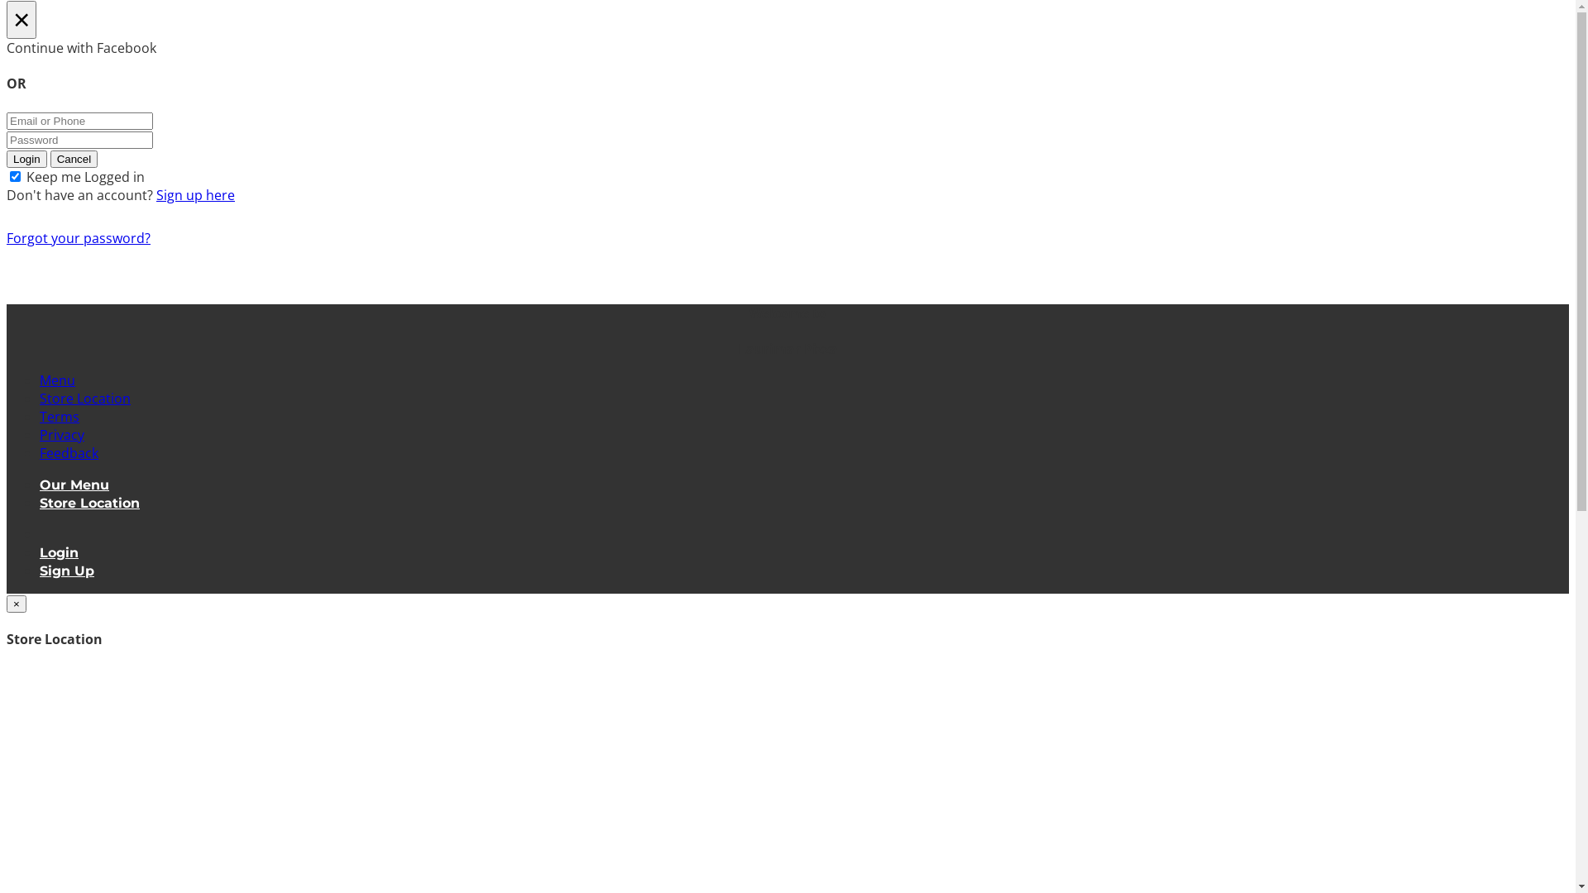 This screenshot has height=893, width=1588. I want to click on 'Our Menu', so click(74, 484).